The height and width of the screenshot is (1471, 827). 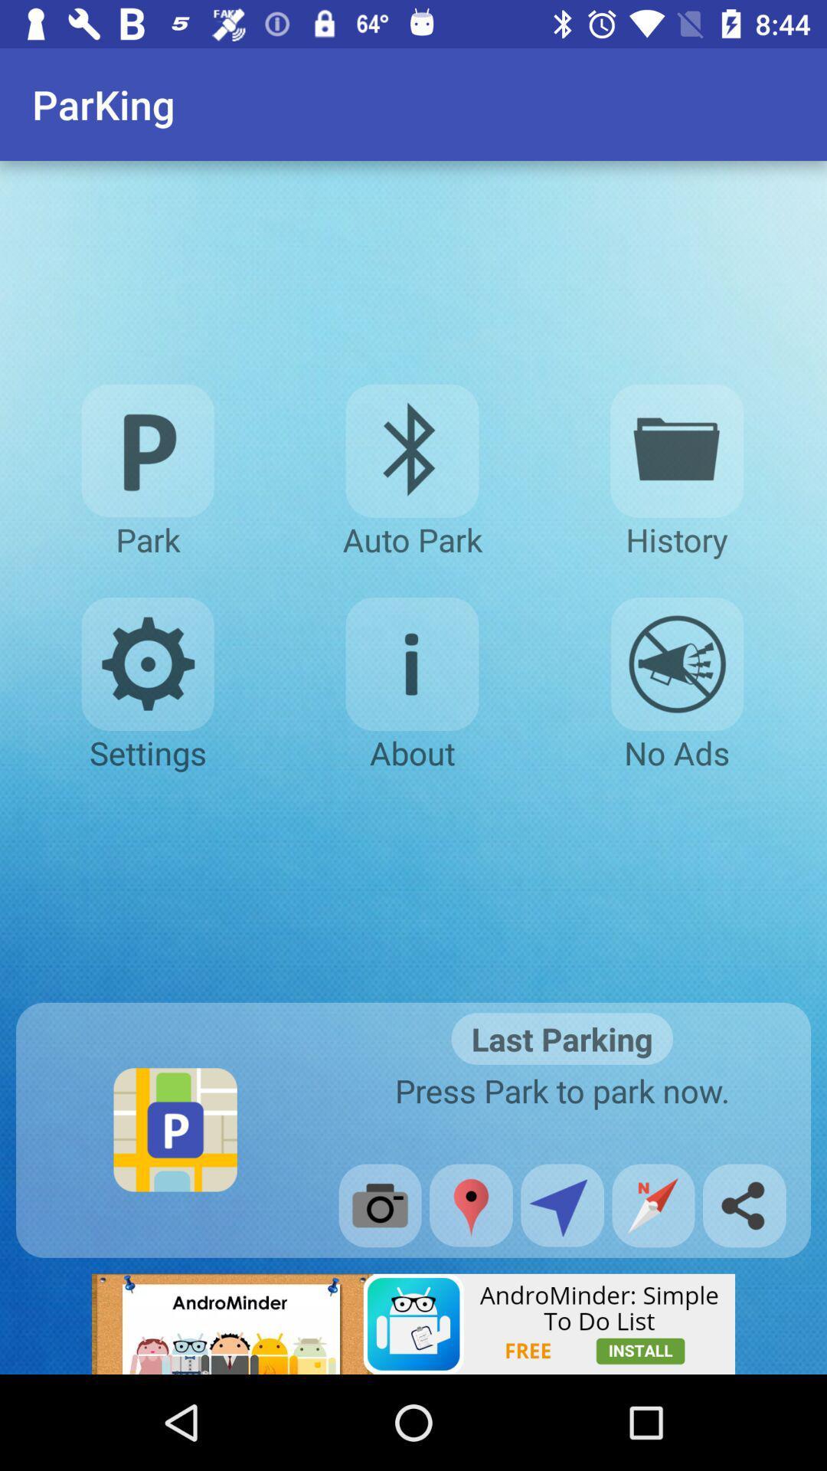 I want to click on click the park option, so click(x=148, y=450).